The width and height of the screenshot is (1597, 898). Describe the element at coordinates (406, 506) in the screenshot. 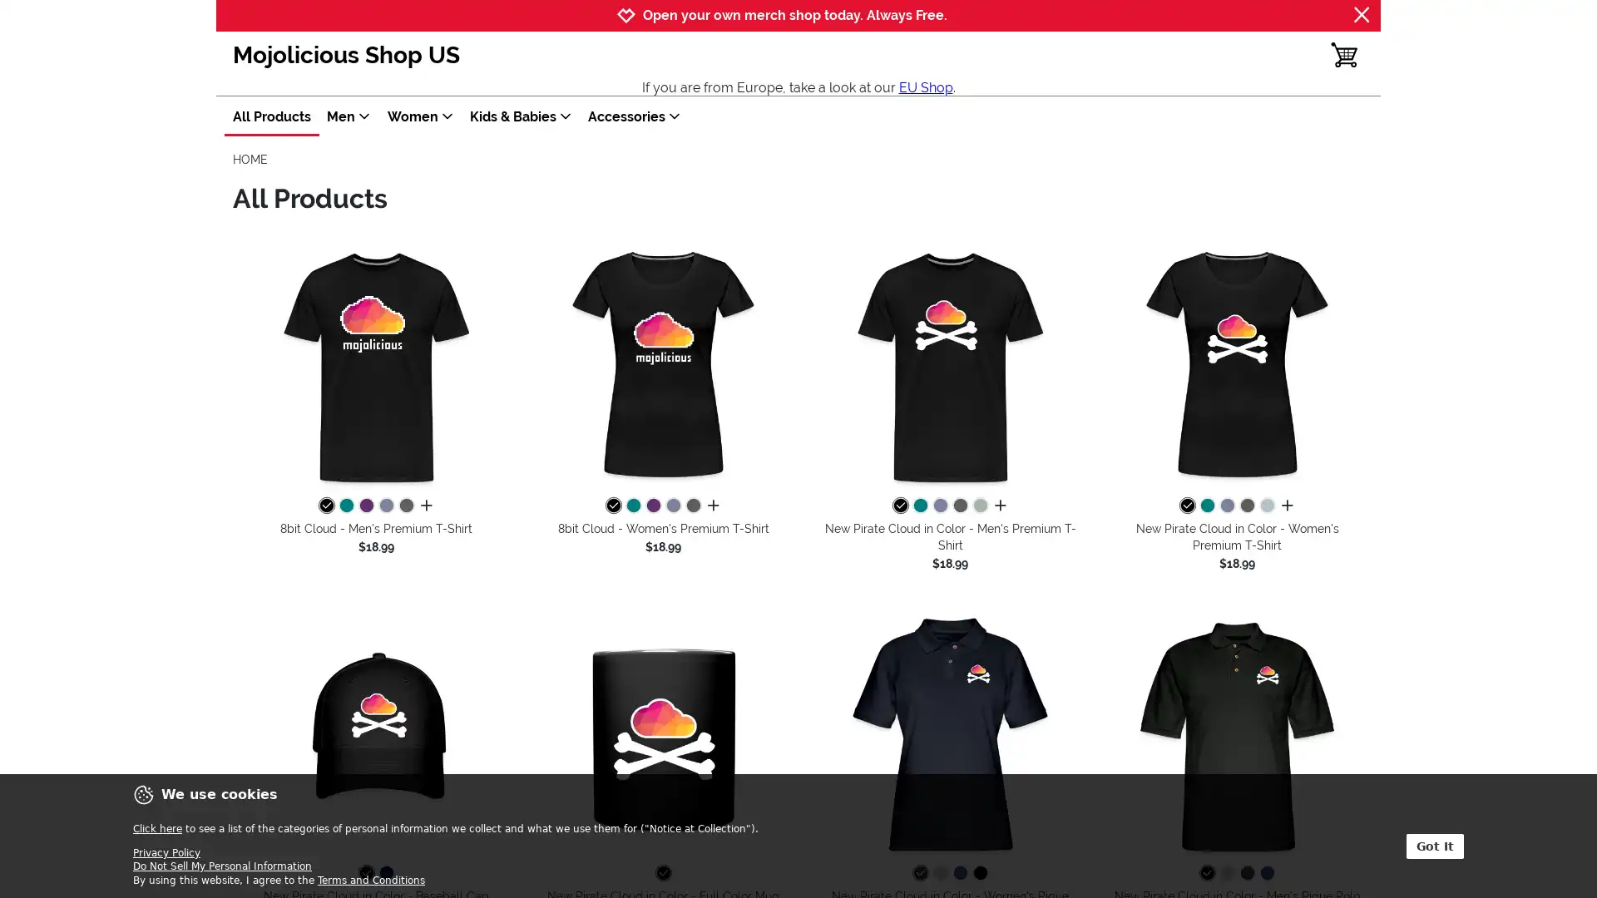

I see `charcoal grey` at that location.